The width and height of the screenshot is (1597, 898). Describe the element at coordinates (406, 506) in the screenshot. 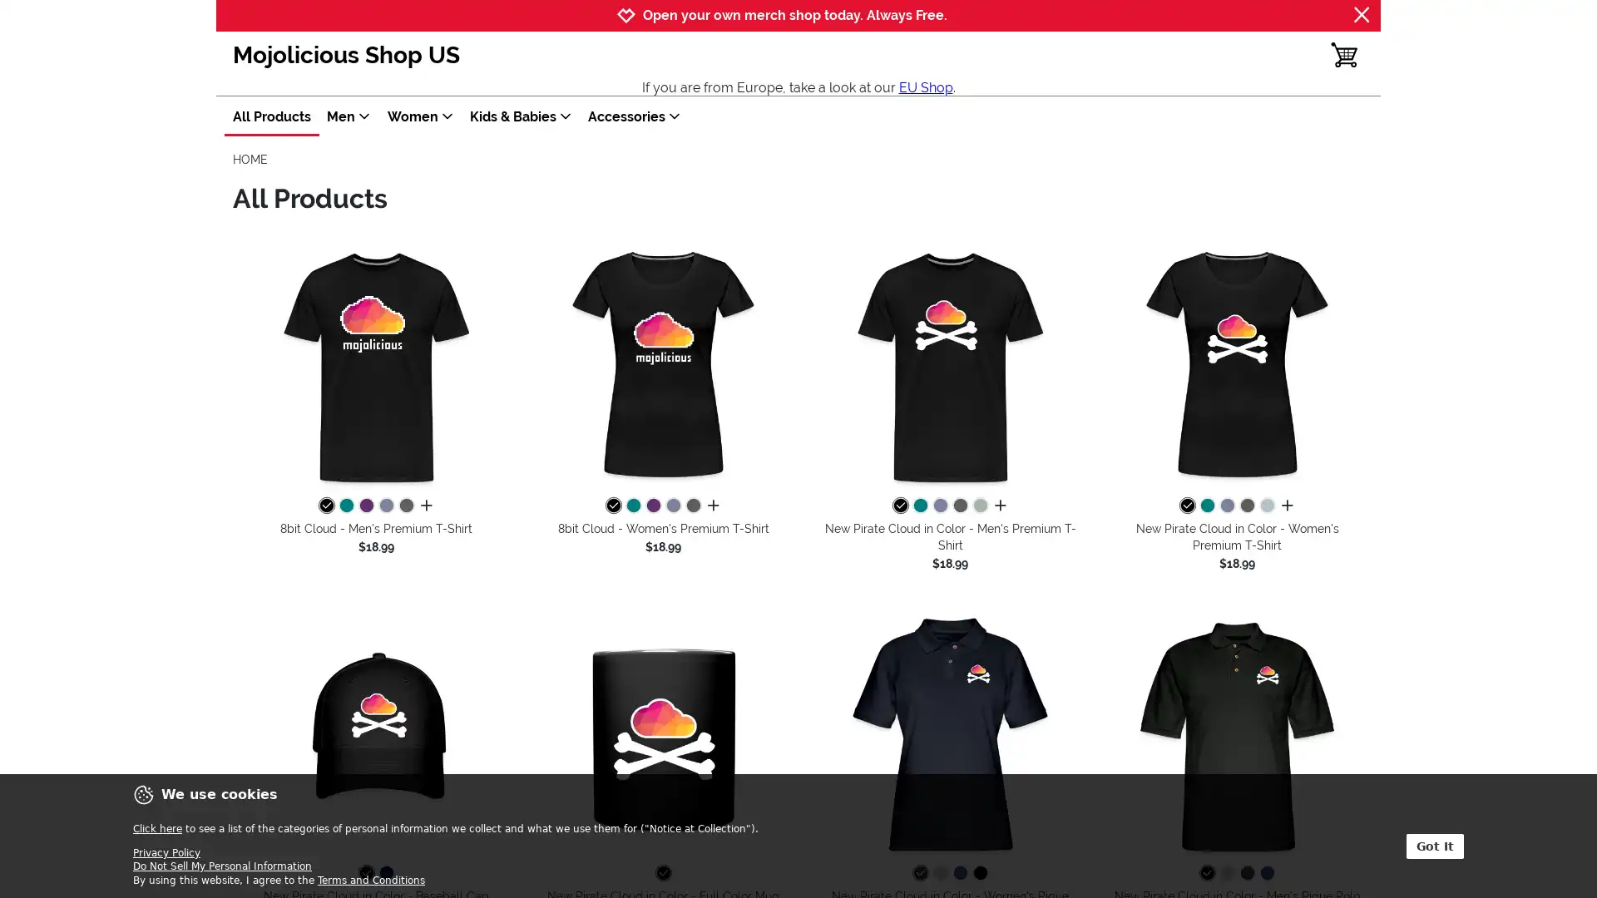

I see `charcoal grey` at that location.